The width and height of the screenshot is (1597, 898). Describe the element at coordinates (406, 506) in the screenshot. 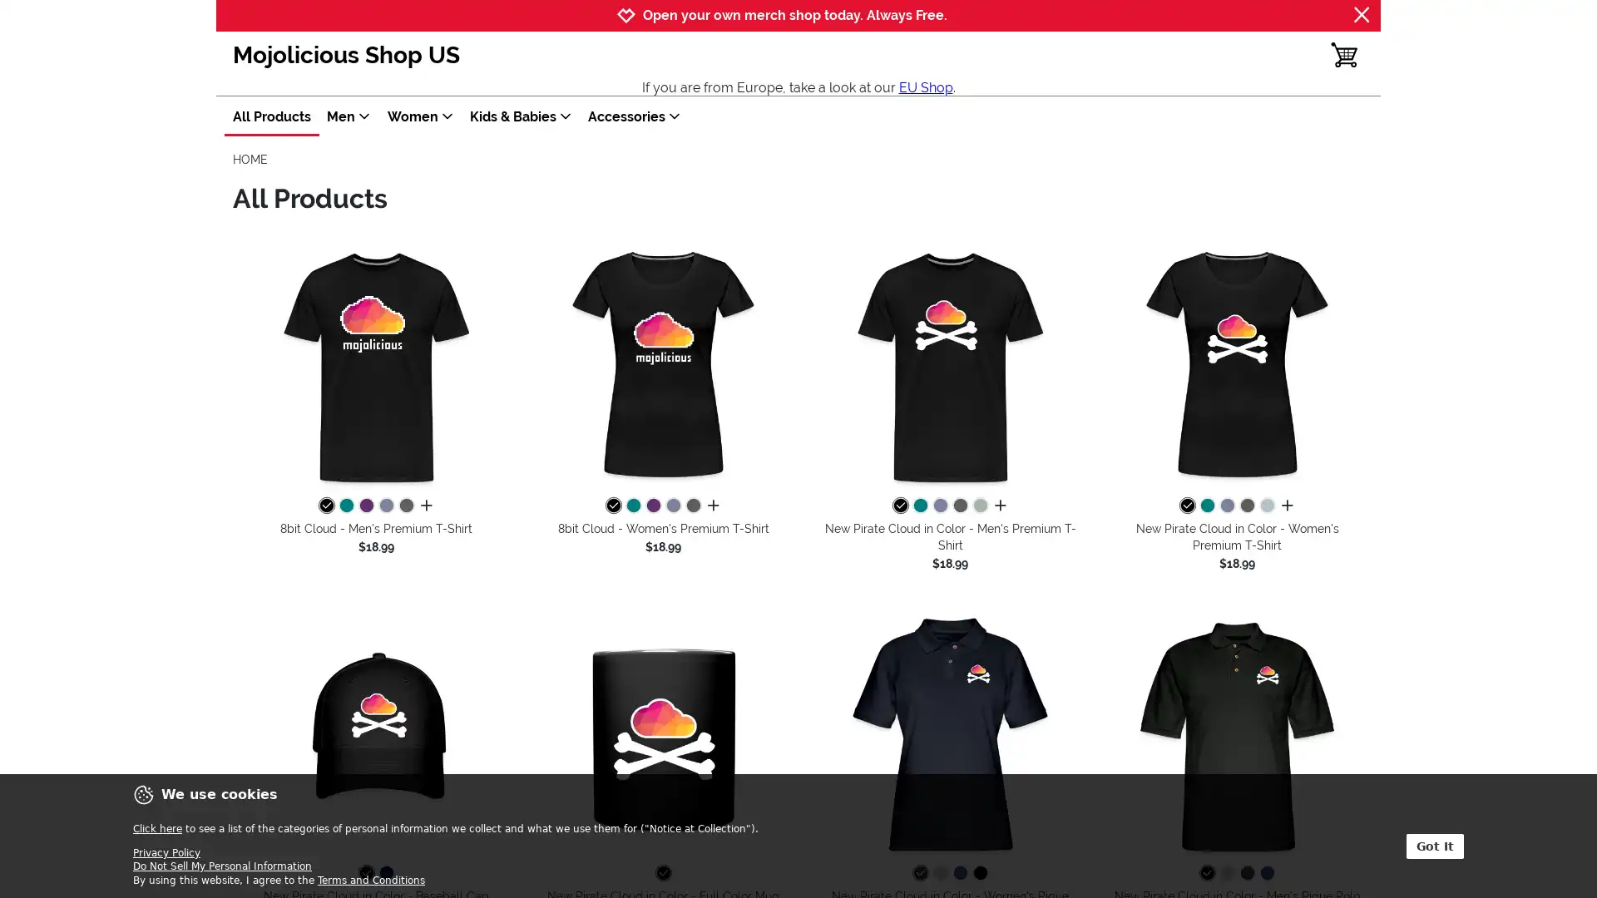

I see `charcoal grey` at that location.